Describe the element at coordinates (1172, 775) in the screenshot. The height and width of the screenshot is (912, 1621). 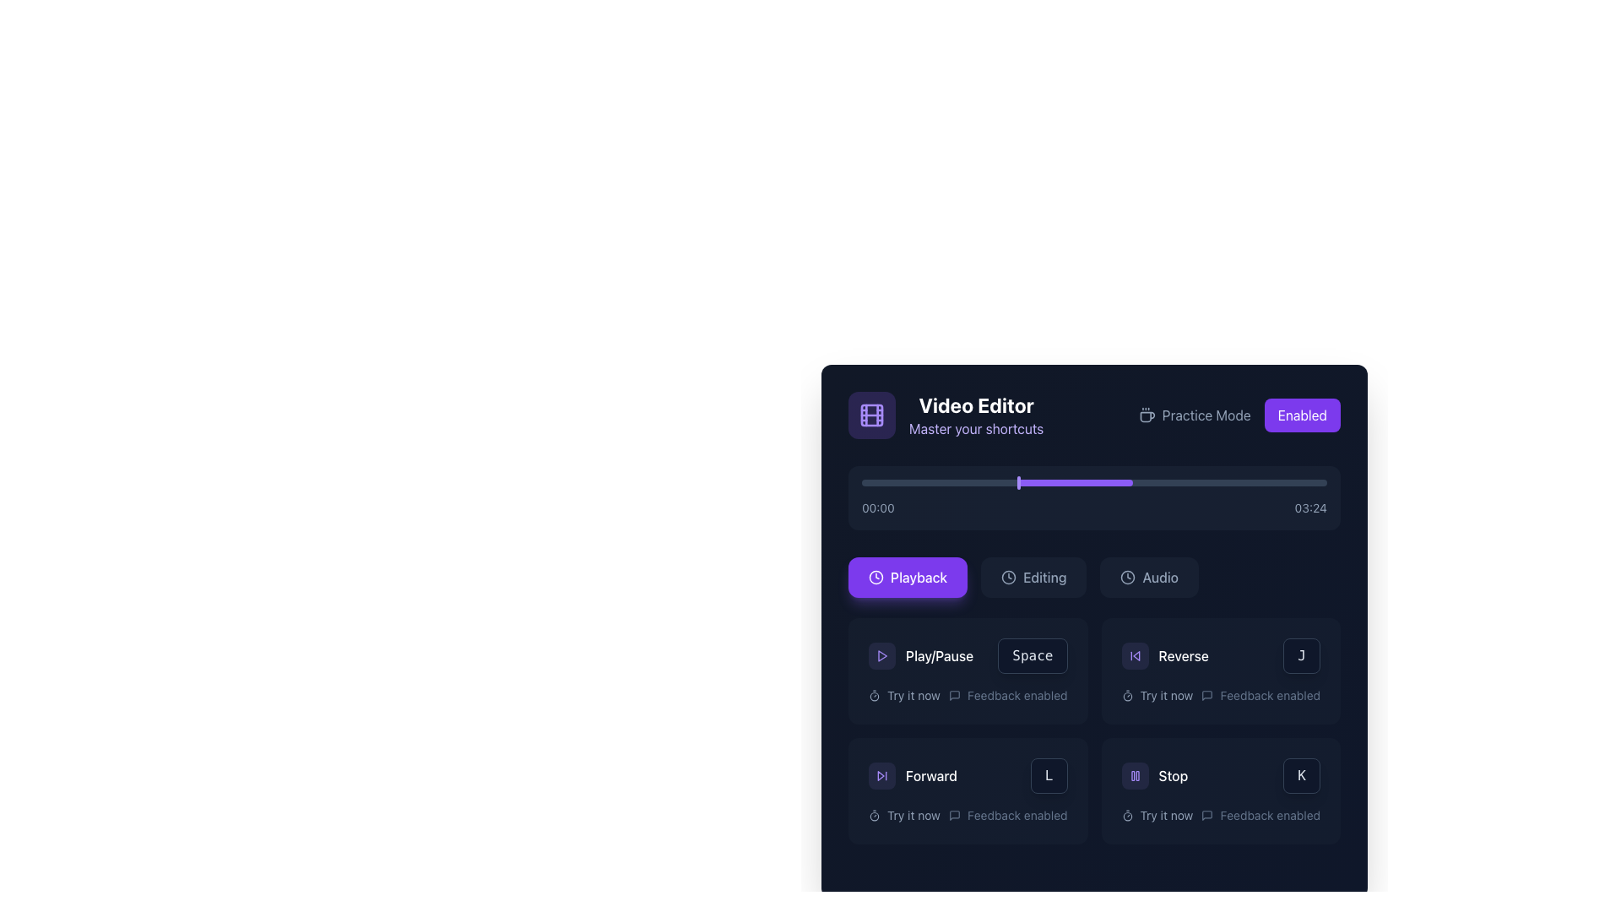
I see `the 'Stop' text label, which is styled with a white font color and medium weight, located in the bottom-right section of a dark-themed interface within a grouped menu` at that location.